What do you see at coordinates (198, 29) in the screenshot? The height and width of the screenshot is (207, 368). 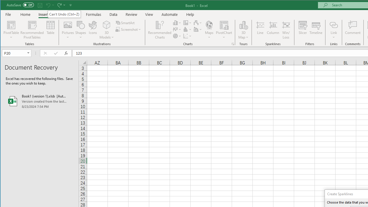 I see `'Insert Combo Chart'` at bounding box center [198, 29].